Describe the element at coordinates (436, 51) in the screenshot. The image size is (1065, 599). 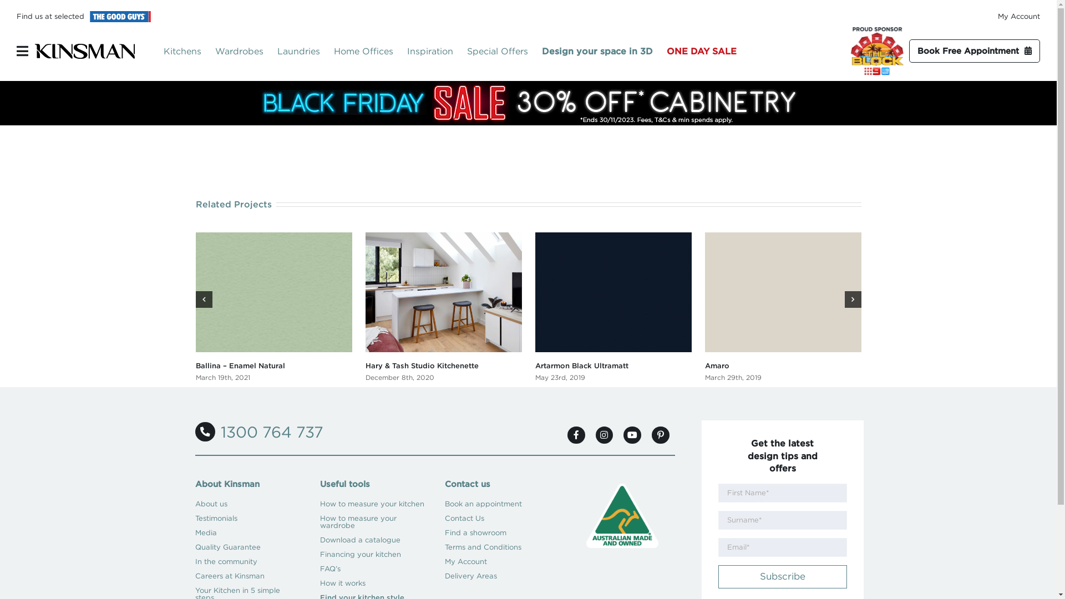
I see `'Inspiration'` at that location.